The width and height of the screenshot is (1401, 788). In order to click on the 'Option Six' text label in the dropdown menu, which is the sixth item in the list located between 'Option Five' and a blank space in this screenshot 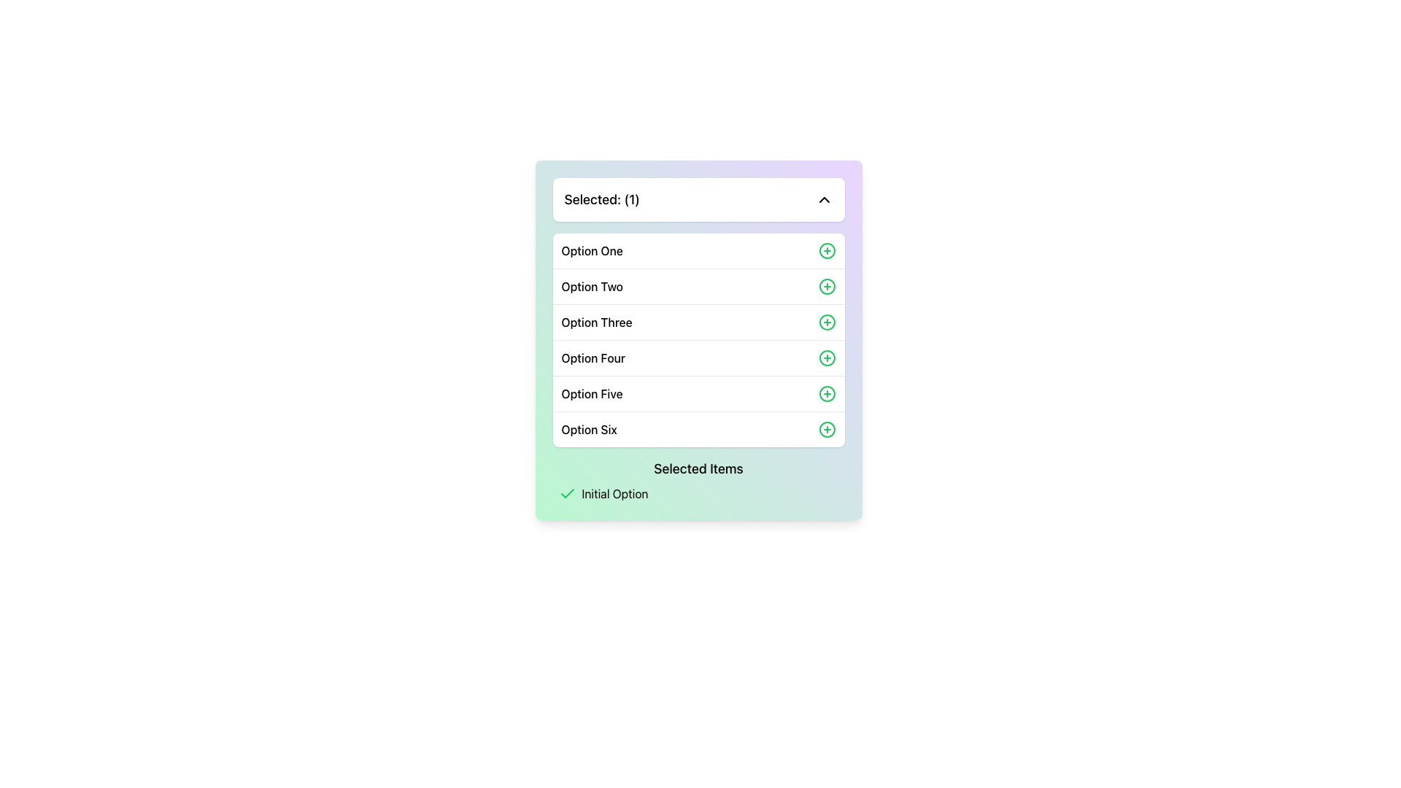, I will do `click(589, 429)`.